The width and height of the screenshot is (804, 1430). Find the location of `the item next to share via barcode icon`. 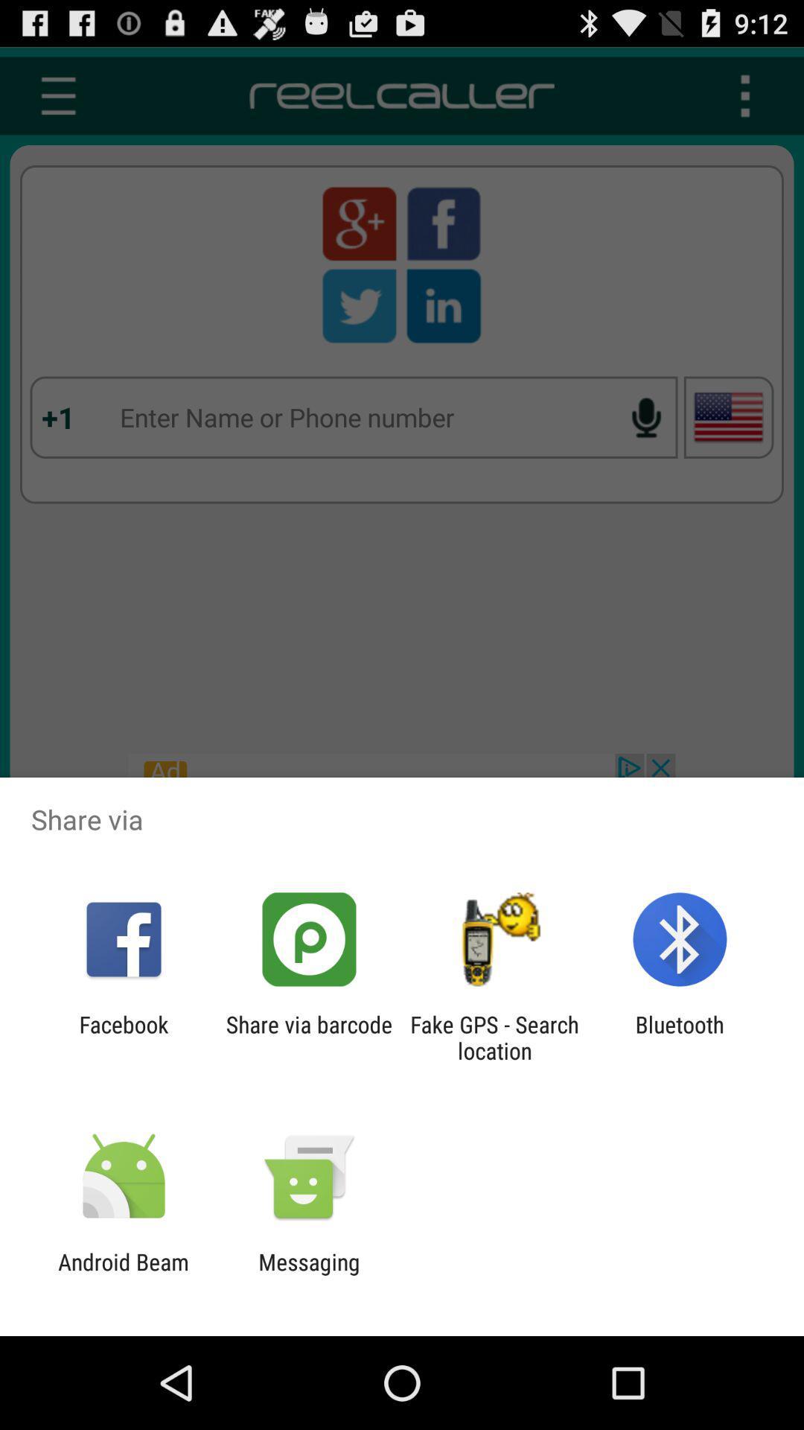

the item next to share via barcode icon is located at coordinates (123, 1037).